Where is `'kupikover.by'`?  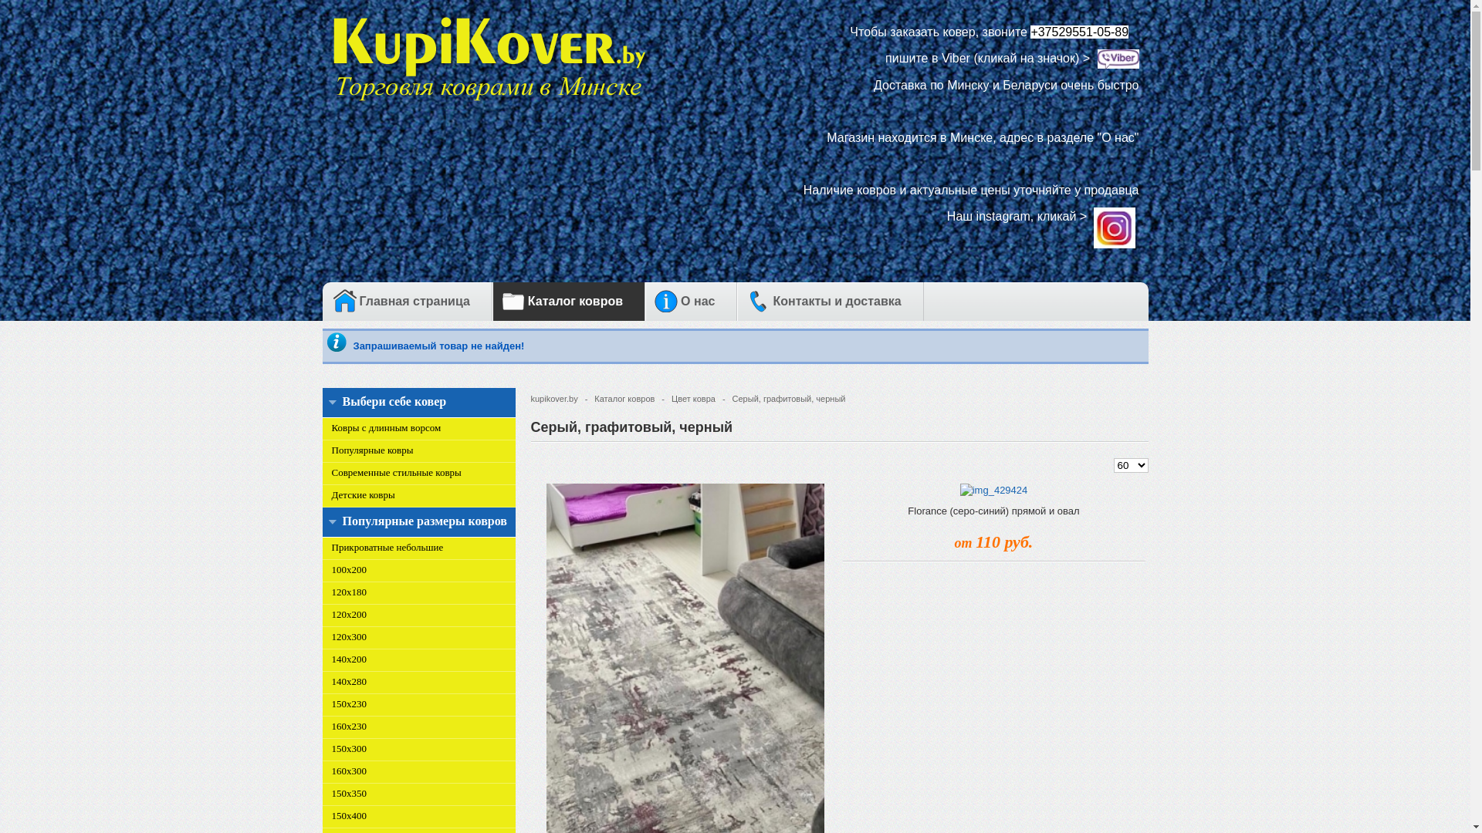
'kupikover.by' is located at coordinates (557, 396).